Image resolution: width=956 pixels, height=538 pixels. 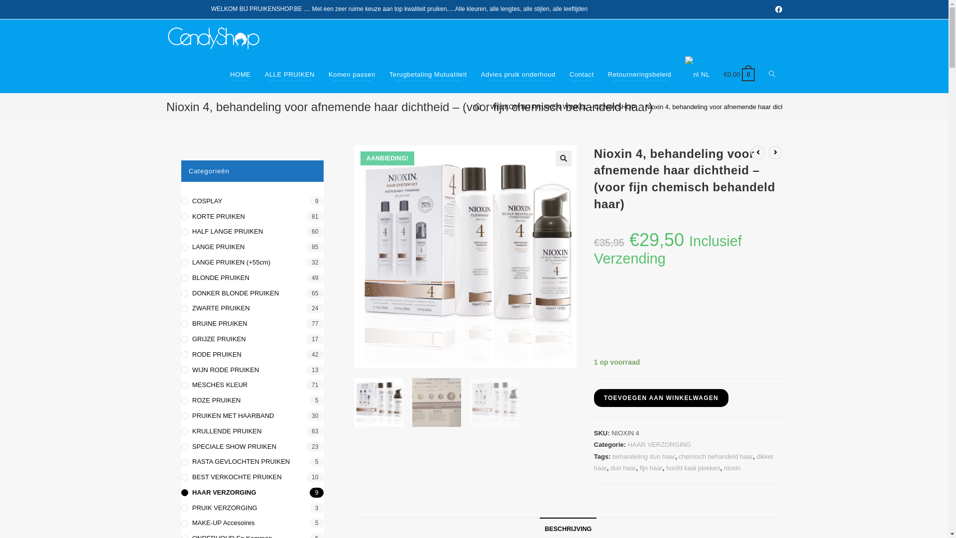 I want to click on 'PRUIKEN MET HAARBAND', so click(x=252, y=416).